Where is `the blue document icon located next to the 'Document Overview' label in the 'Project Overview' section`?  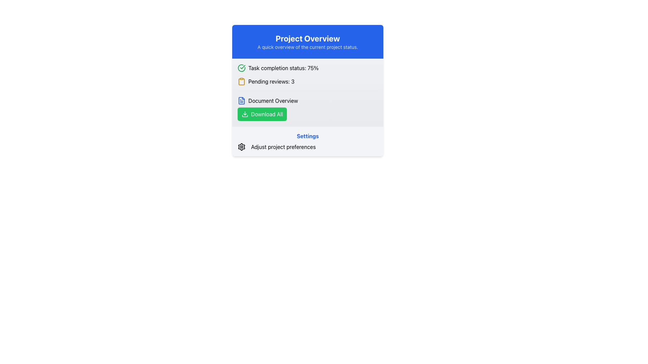
the blue document icon located next to the 'Document Overview' label in the 'Project Overview' section is located at coordinates (241, 101).